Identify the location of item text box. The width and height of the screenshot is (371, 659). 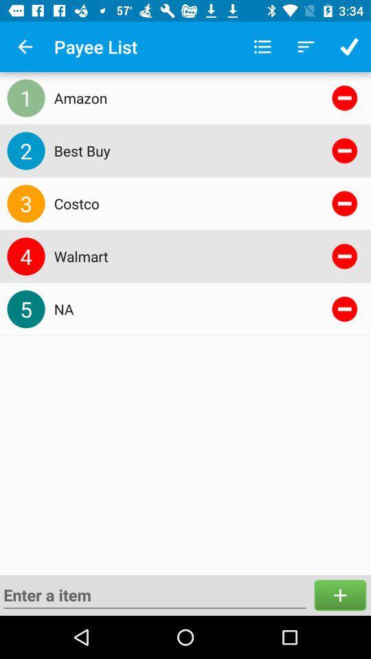
(154, 594).